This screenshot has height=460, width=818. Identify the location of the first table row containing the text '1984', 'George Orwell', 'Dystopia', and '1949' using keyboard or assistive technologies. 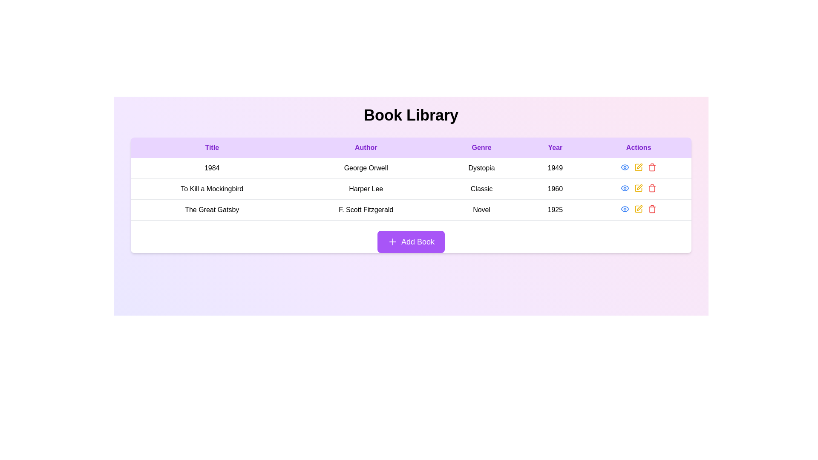
(411, 168).